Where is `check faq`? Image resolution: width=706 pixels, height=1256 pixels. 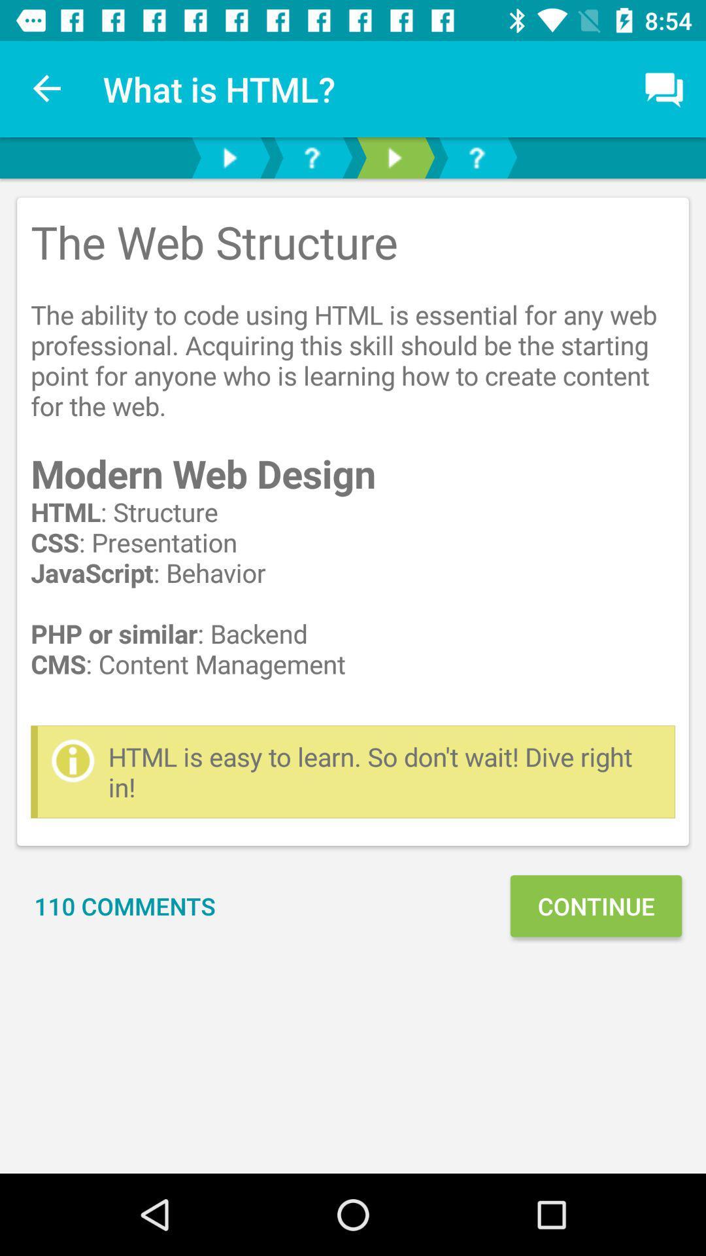
check faq is located at coordinates (312, 157).